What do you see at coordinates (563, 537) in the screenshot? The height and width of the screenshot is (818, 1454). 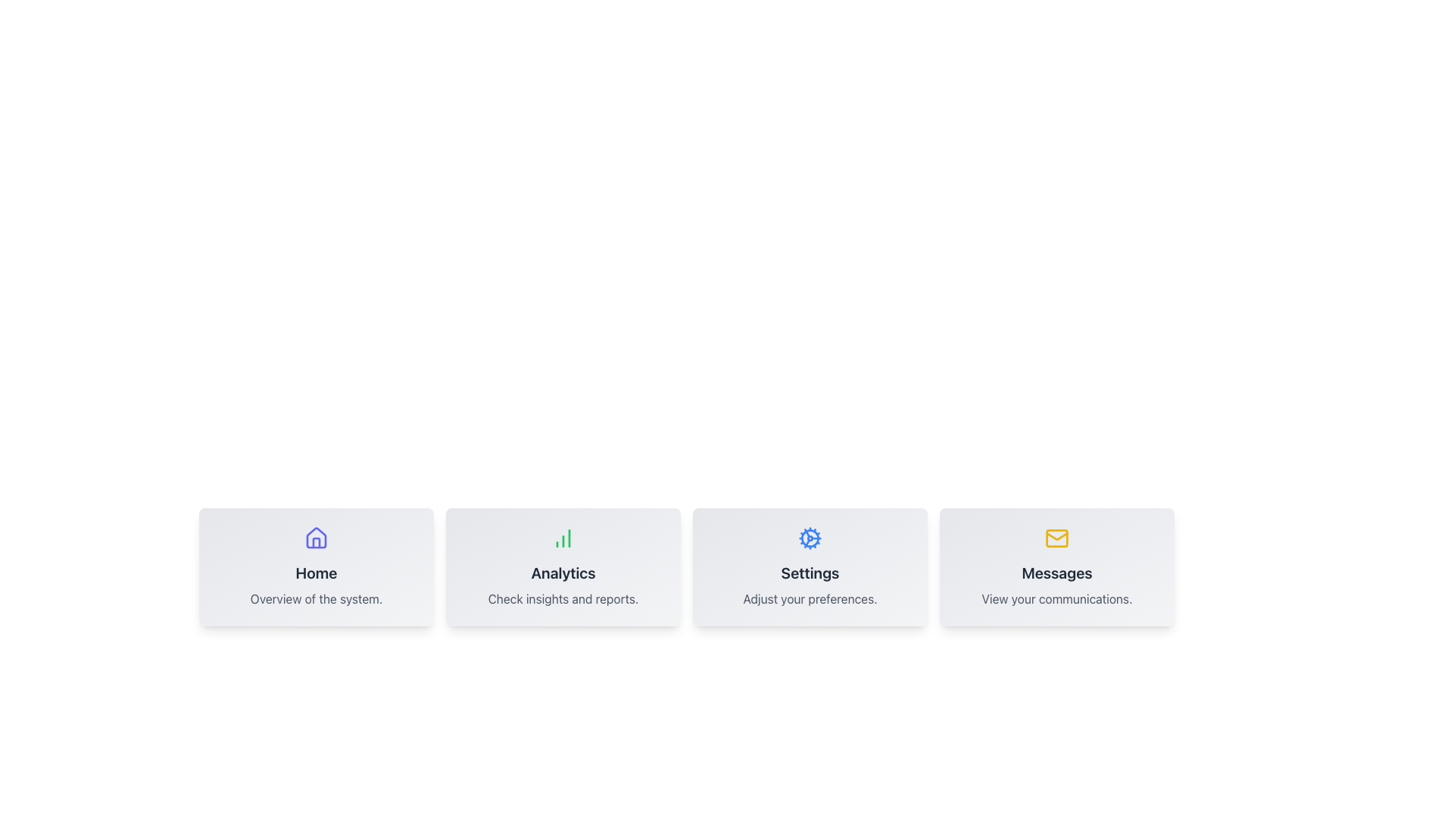 I see `the graphical icon representing an increasing bar chart, which is located in the second card of a horizontally arranged group of four cards, positioned centrally above the text 'Analytics'` at bounding box center [563, 537].